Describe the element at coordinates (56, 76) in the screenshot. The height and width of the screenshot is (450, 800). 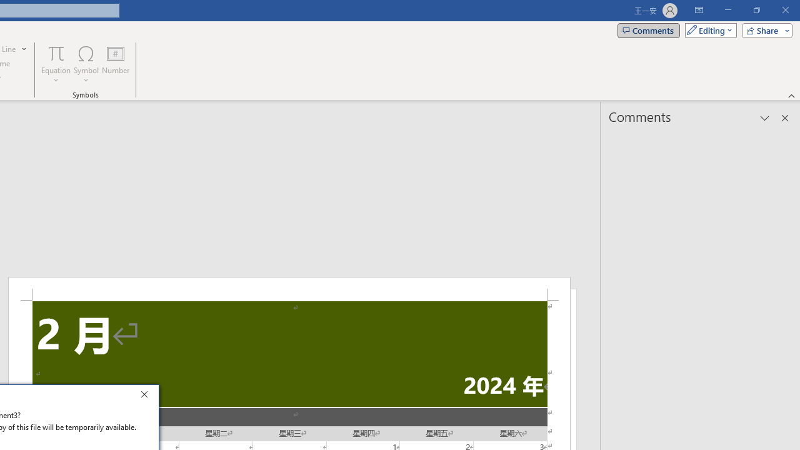
I see `'More Options'` at that location.